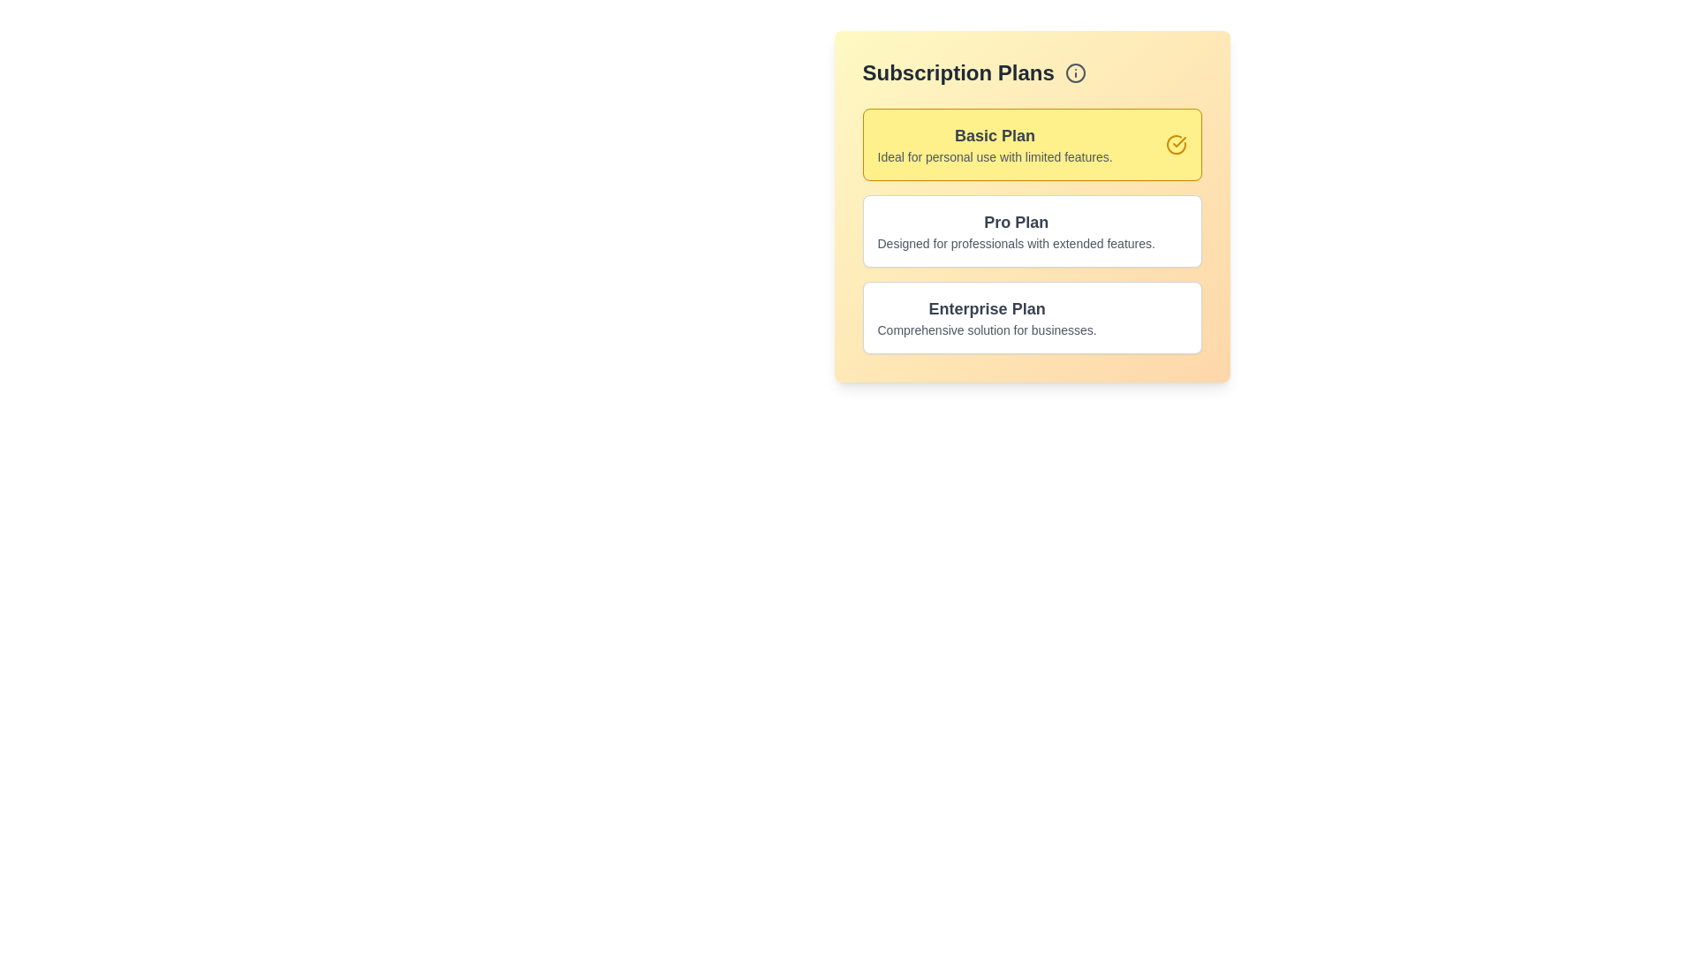 The width and height of the screenshot is (1696, 954). Describe the element at coordinates (1016, 244) in the screenshot. I see `textual content that states 'Designed for professionals with extended features.' located under the 'Pro Plan' heading` at that location.